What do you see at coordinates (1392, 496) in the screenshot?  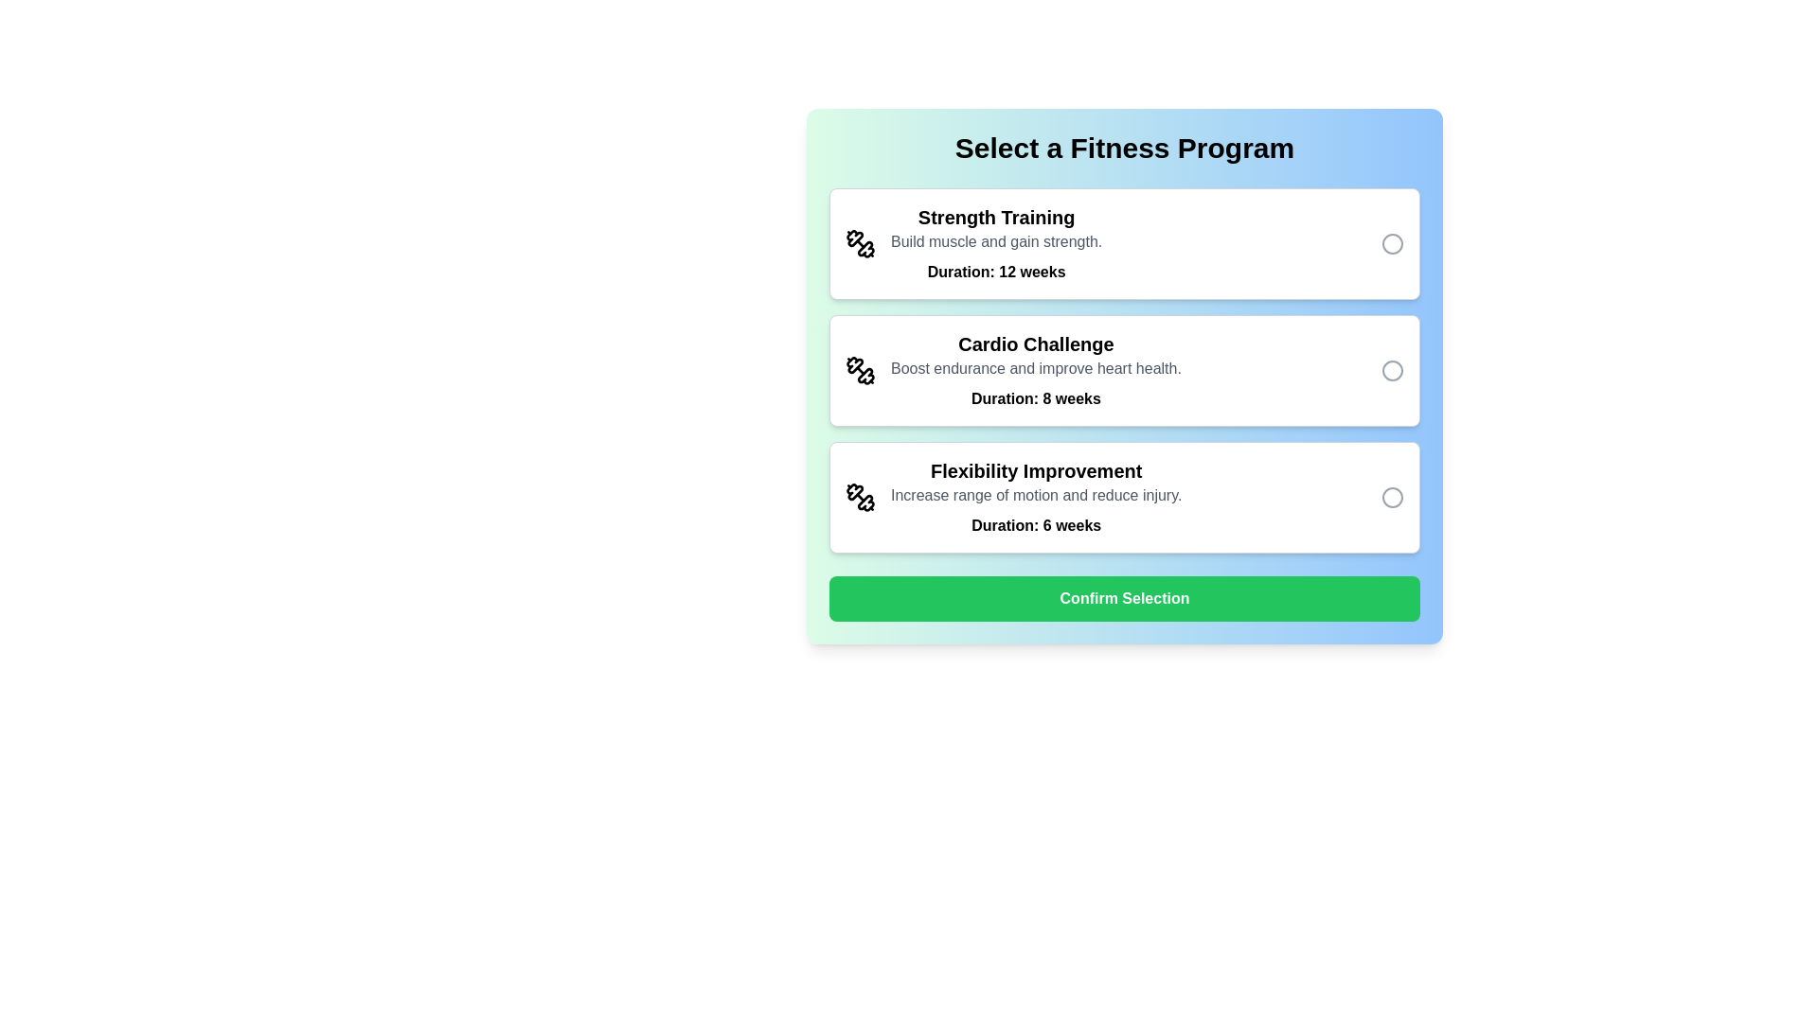 I see `the inner circle of the SVG icon that is located at the far-right edge of the 'Flexibility Improvement' program option box` at bounding box center [1392, 496].